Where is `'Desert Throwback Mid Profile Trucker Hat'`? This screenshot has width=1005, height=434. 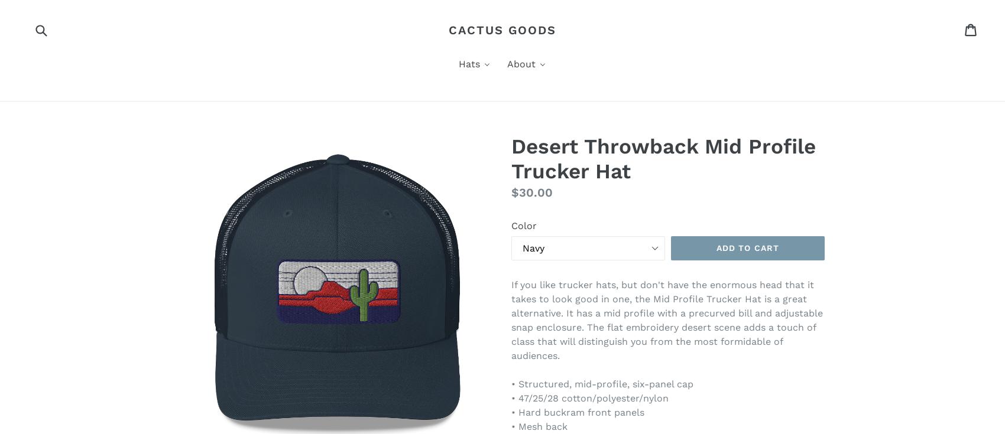
'Desert Throwback Mid Profile Trucker Hat' is located at coordinates (511, 159).